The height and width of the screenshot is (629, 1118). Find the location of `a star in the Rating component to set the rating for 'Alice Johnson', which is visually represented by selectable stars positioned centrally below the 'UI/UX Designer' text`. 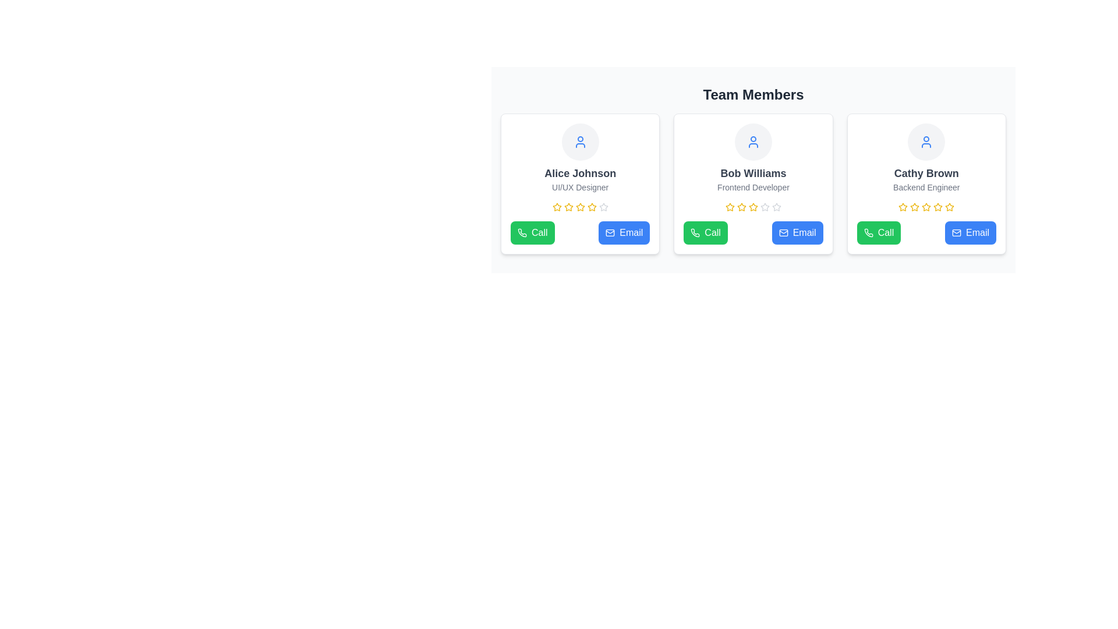

a star in the Rating component to set the rating for 'Alice Johnson', which is visually represented by selectable stars positioned centrally below the 'UI/UX Designer' text is located at coordinates (580, 206).